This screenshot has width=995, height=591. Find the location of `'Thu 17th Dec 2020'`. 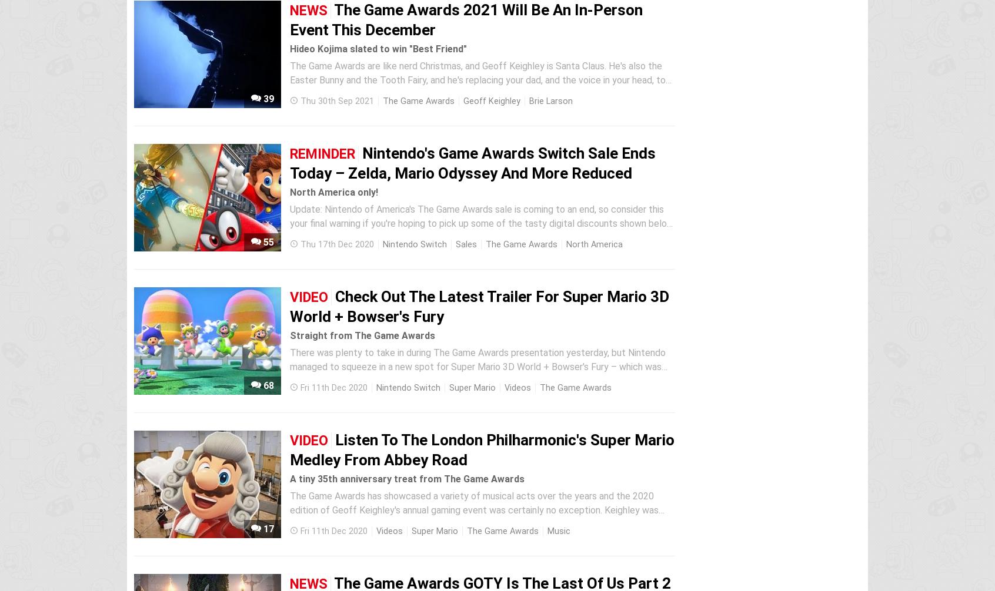

'Thu 17th Dec 2020' is located at coordinates (336, 244).